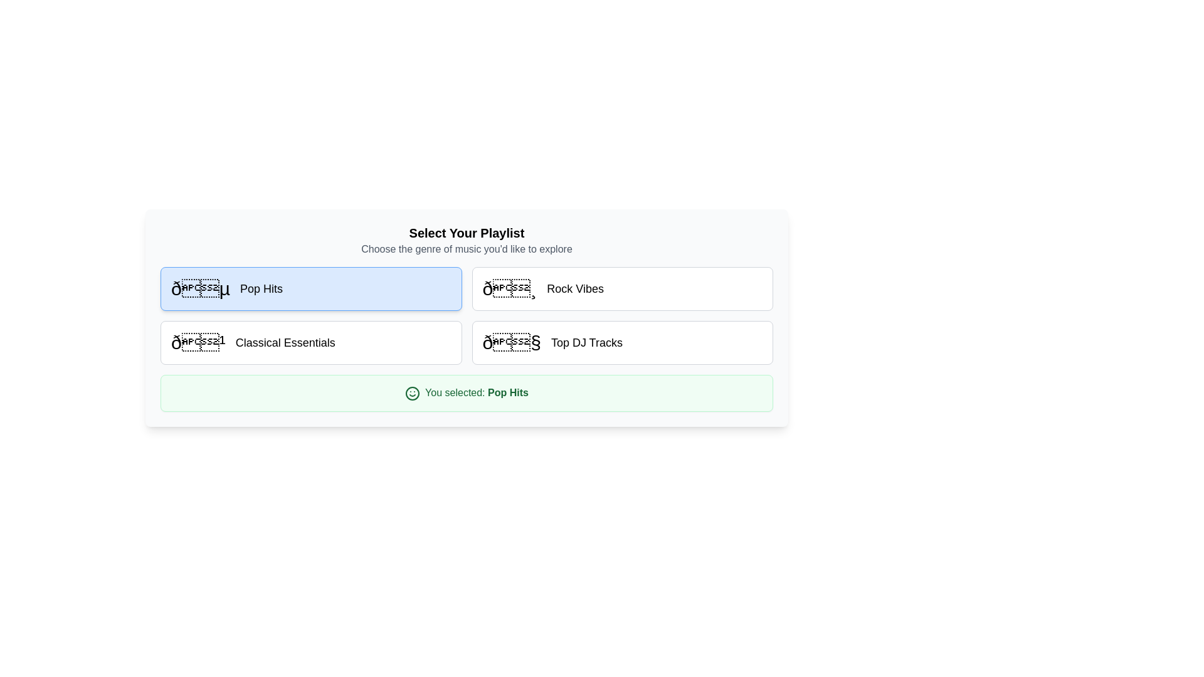 This screenshot has height=677, width=1204. What do you see at coordinates (466, 241) in the screenshot?
I see `text block containing 'Select Your Playlist' and 'Choose the genre of music you'd like to explore', which is located above the music genre buttons` at bounding box center [466, 241].